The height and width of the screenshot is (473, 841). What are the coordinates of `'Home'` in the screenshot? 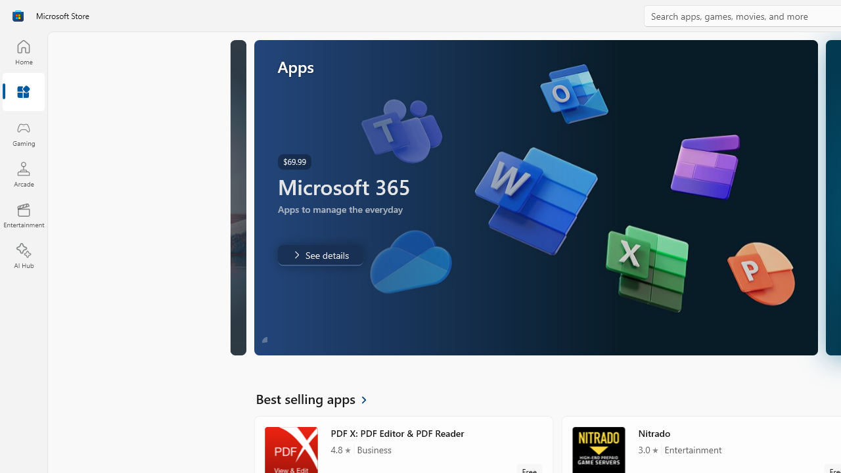 It's located at (23, 51).